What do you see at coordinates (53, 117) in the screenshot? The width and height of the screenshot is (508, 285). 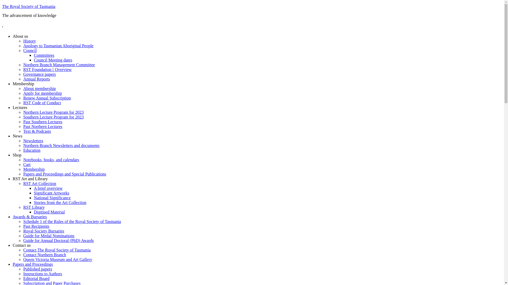 I see `'Southern Lecture Program for 2023'` at bounding box center [53, 117].